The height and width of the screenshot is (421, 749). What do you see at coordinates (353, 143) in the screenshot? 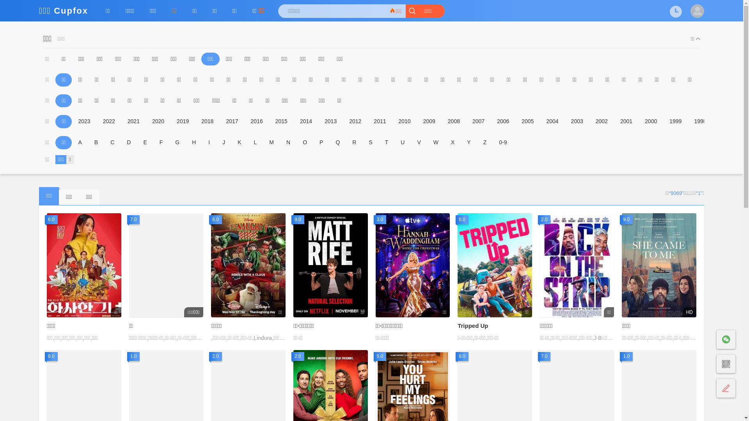
I see `'R'` at bounding box center [353, 143].